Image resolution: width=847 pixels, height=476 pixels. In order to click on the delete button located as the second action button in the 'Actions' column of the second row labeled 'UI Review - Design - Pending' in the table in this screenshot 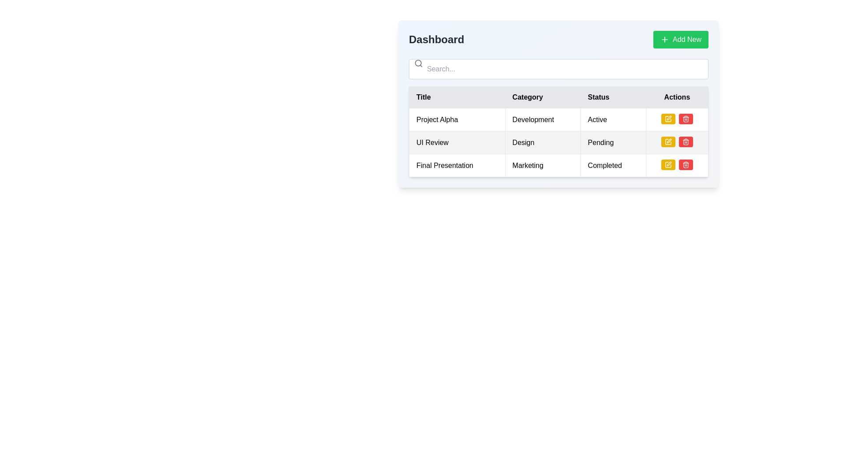, I will do `click(686, 119)`.